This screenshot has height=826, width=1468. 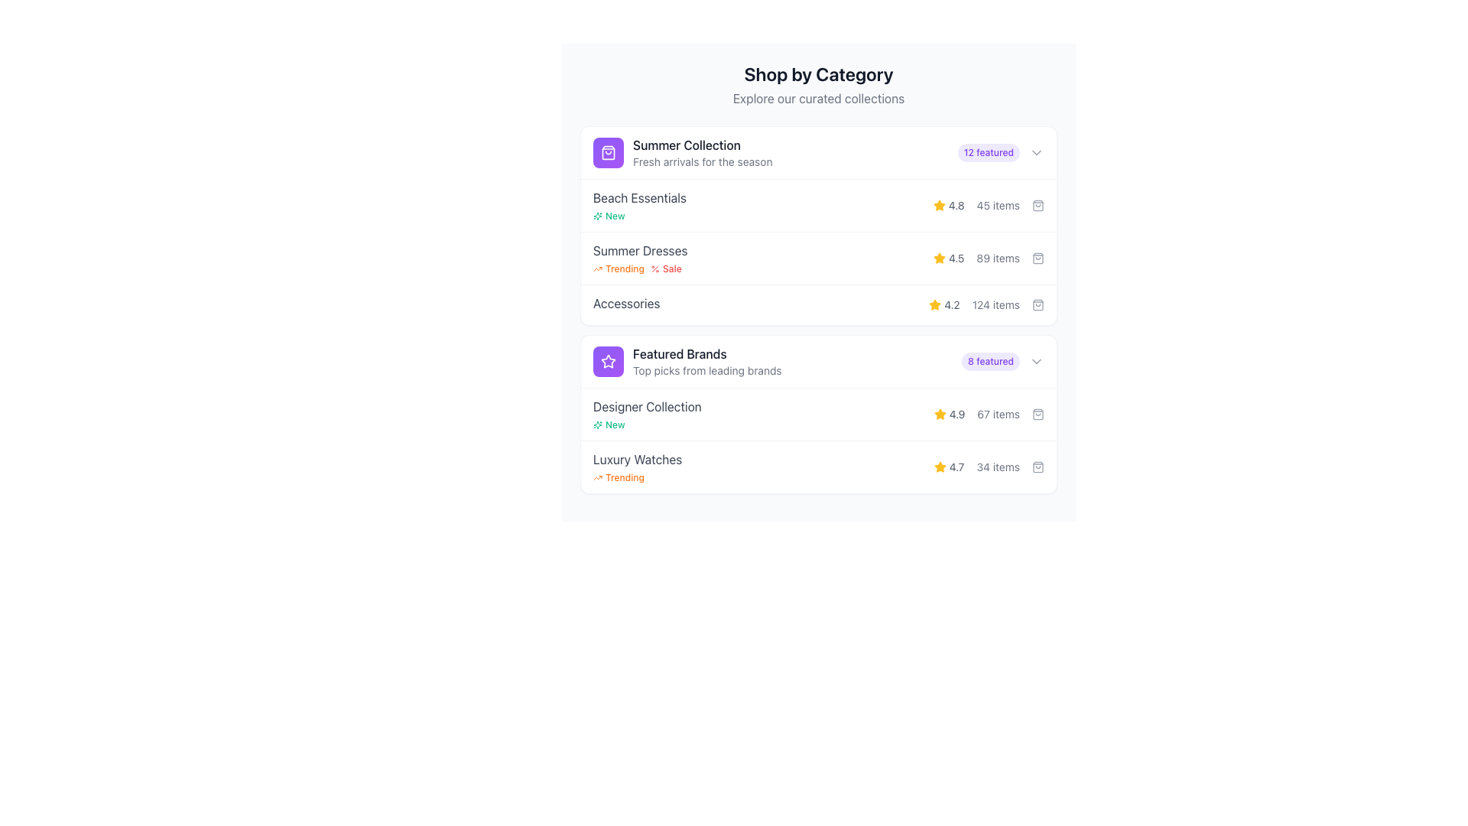 What do you see at coordinates (608, 424) in the screenshot?
I see `the 'New' label with a sparkles icon in green color, located left of the 'Designer Collection' text in the 'Featured Brands' section, below 'Summer Collection'` at bounding box center [608, 424].